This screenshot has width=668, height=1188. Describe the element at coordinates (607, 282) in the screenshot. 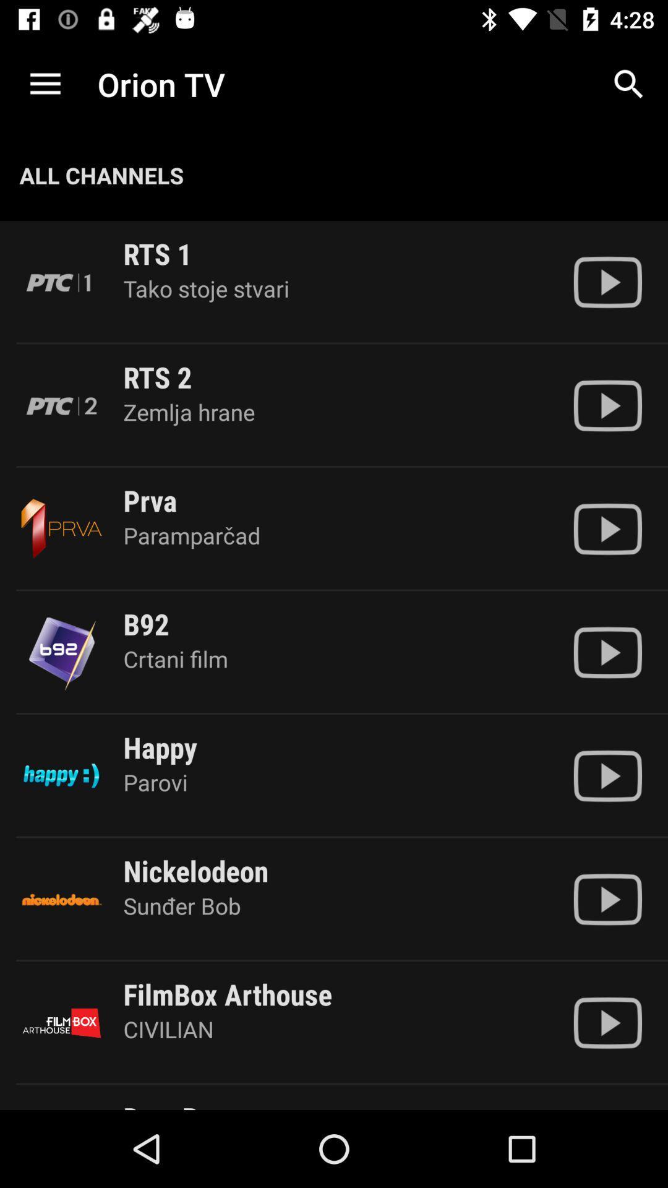

I see `play` at that location.